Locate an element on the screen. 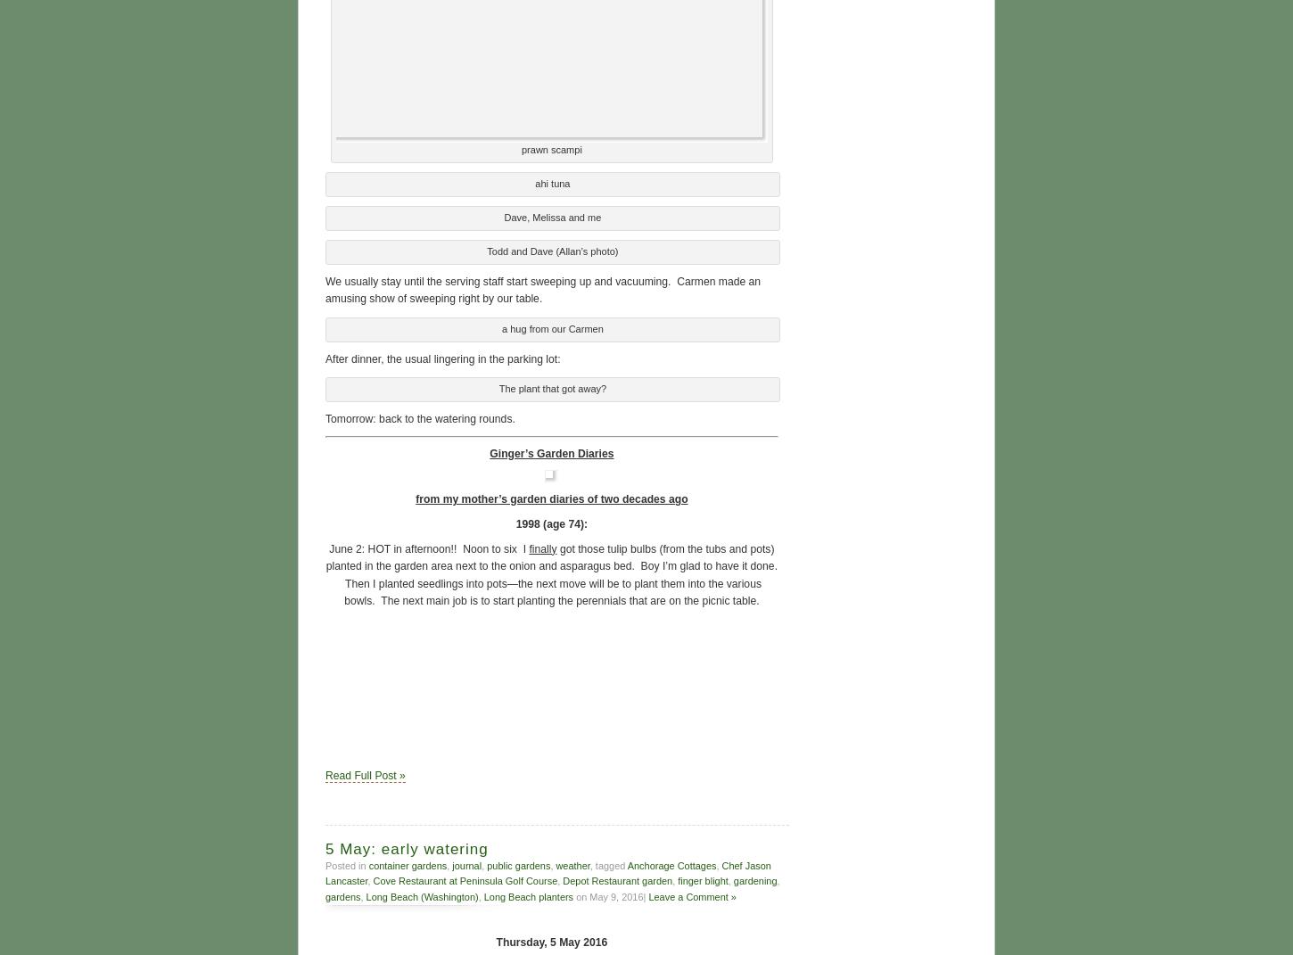 The width and height of the screenshot is (1293, 955). 'The plant that got away?' is located at coordinates (551, 386).